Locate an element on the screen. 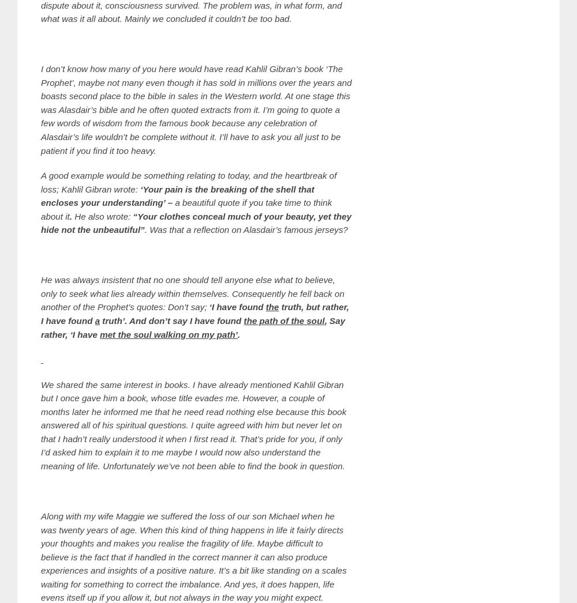  'A good example would be something relating to today, and the heartbreak of loss; Kahlil Gibran wrote:' is located at coordinates (188, 181).